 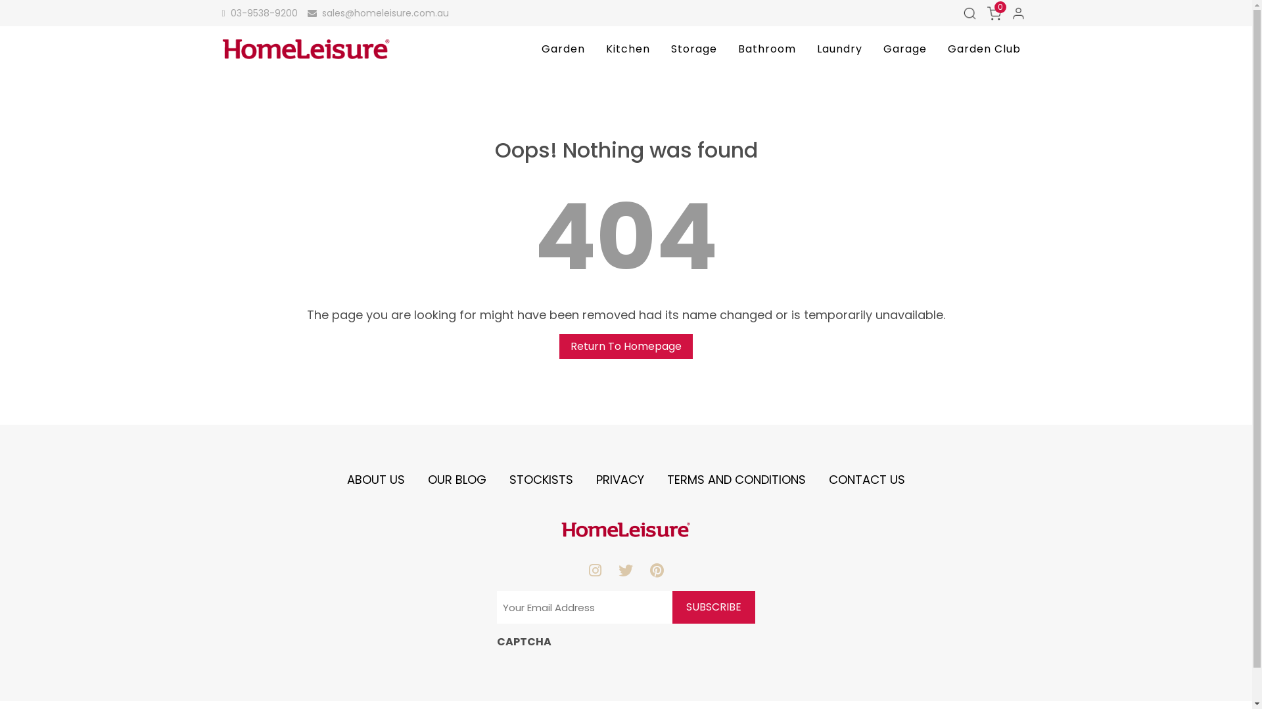 What do you see at coordinates (713, 607) in the screenshot?
I see `'Subscribe'` at bounding box center [713, 607].